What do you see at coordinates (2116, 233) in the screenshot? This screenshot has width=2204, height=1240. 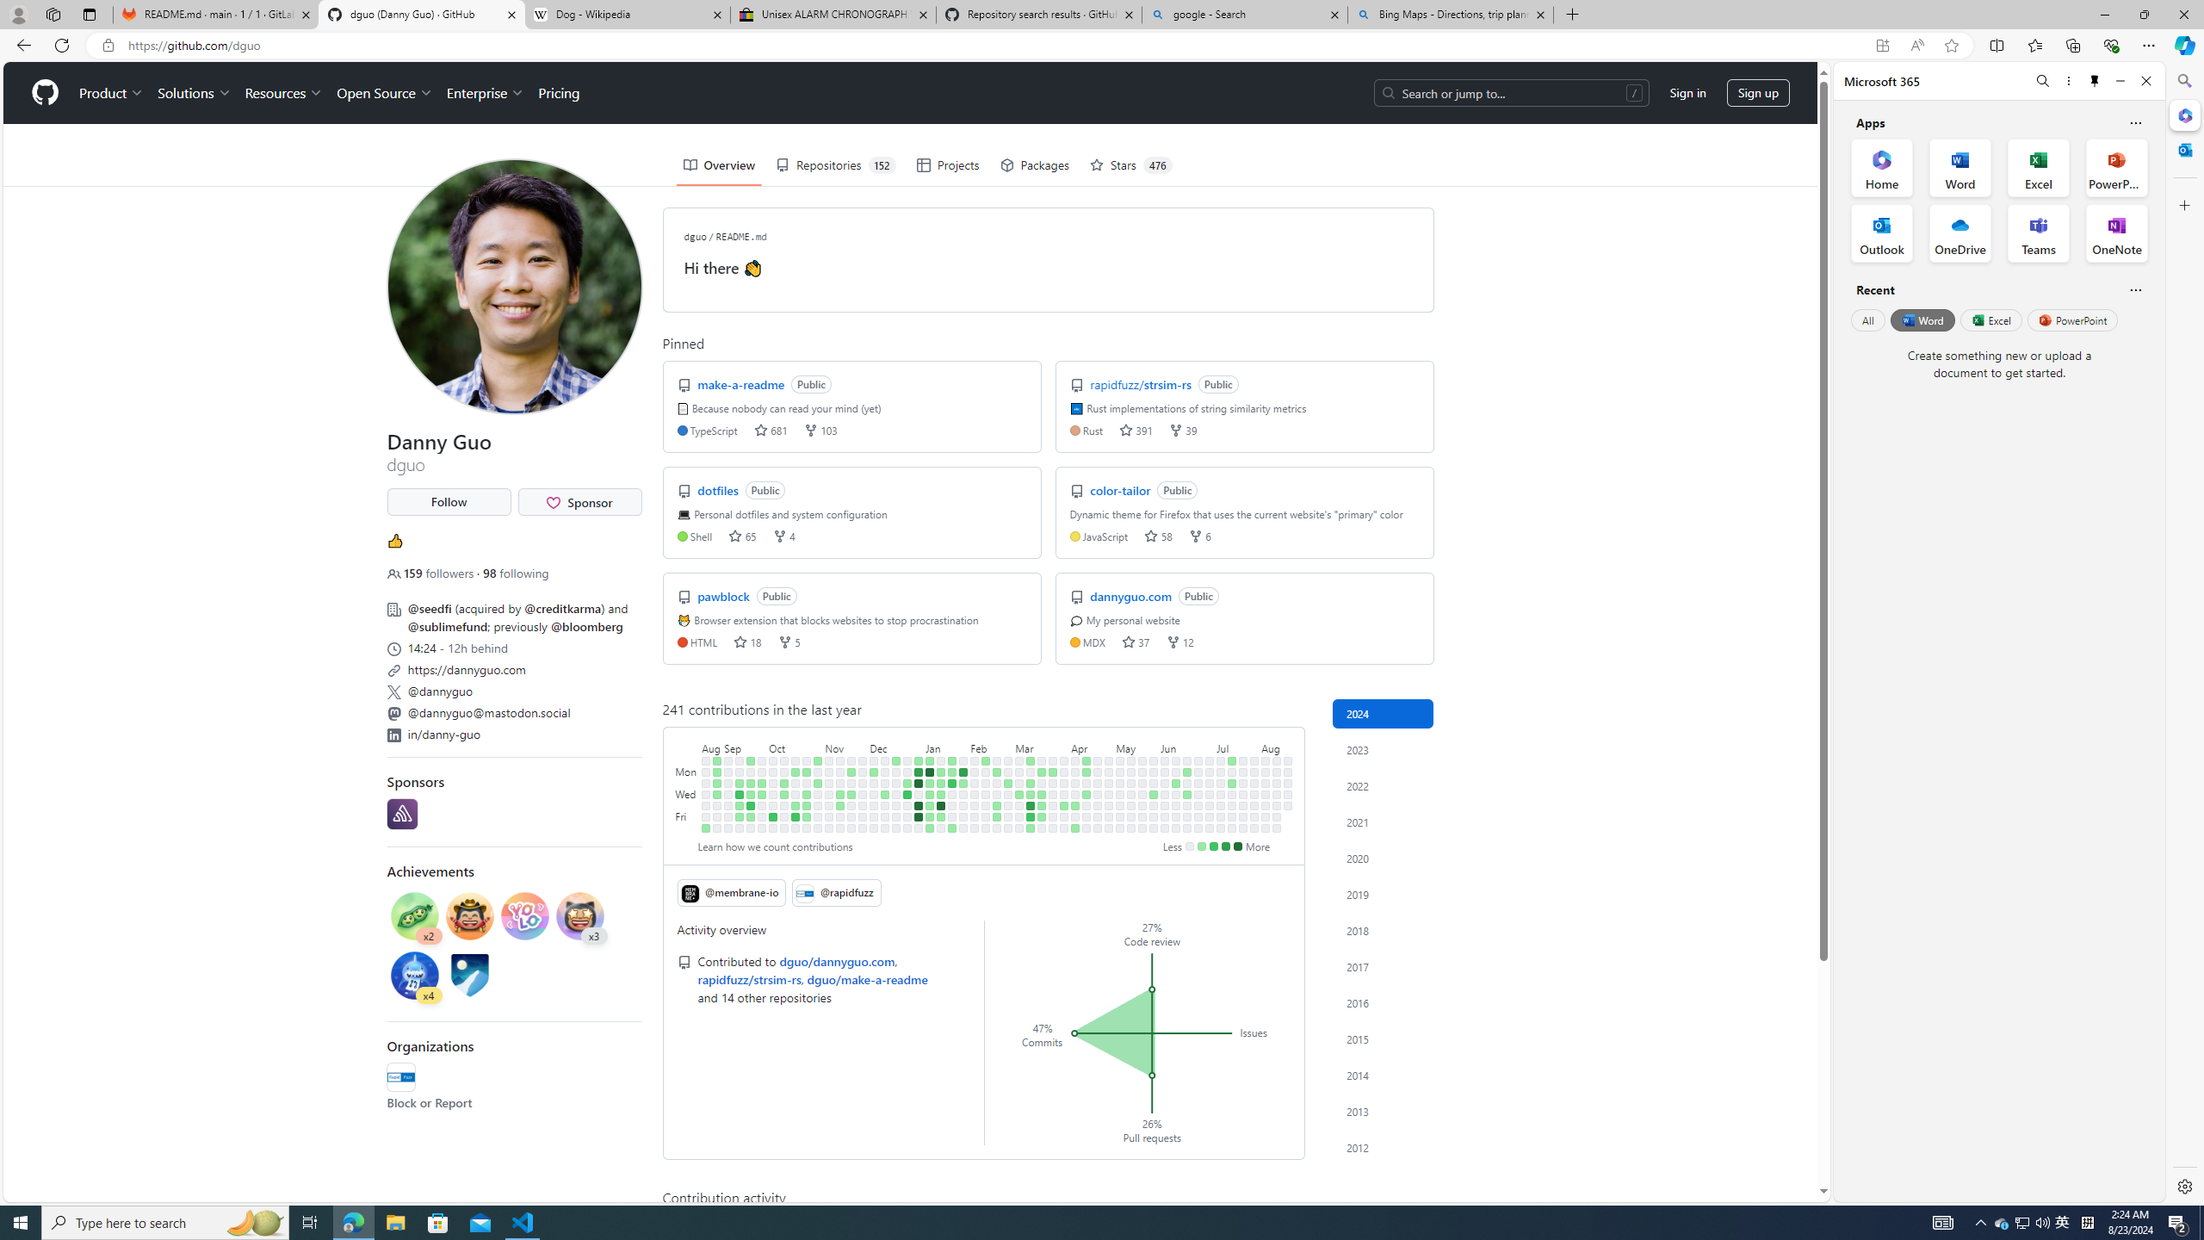 I see `'OneNote Office App'` at bounding box center [2116, 233].